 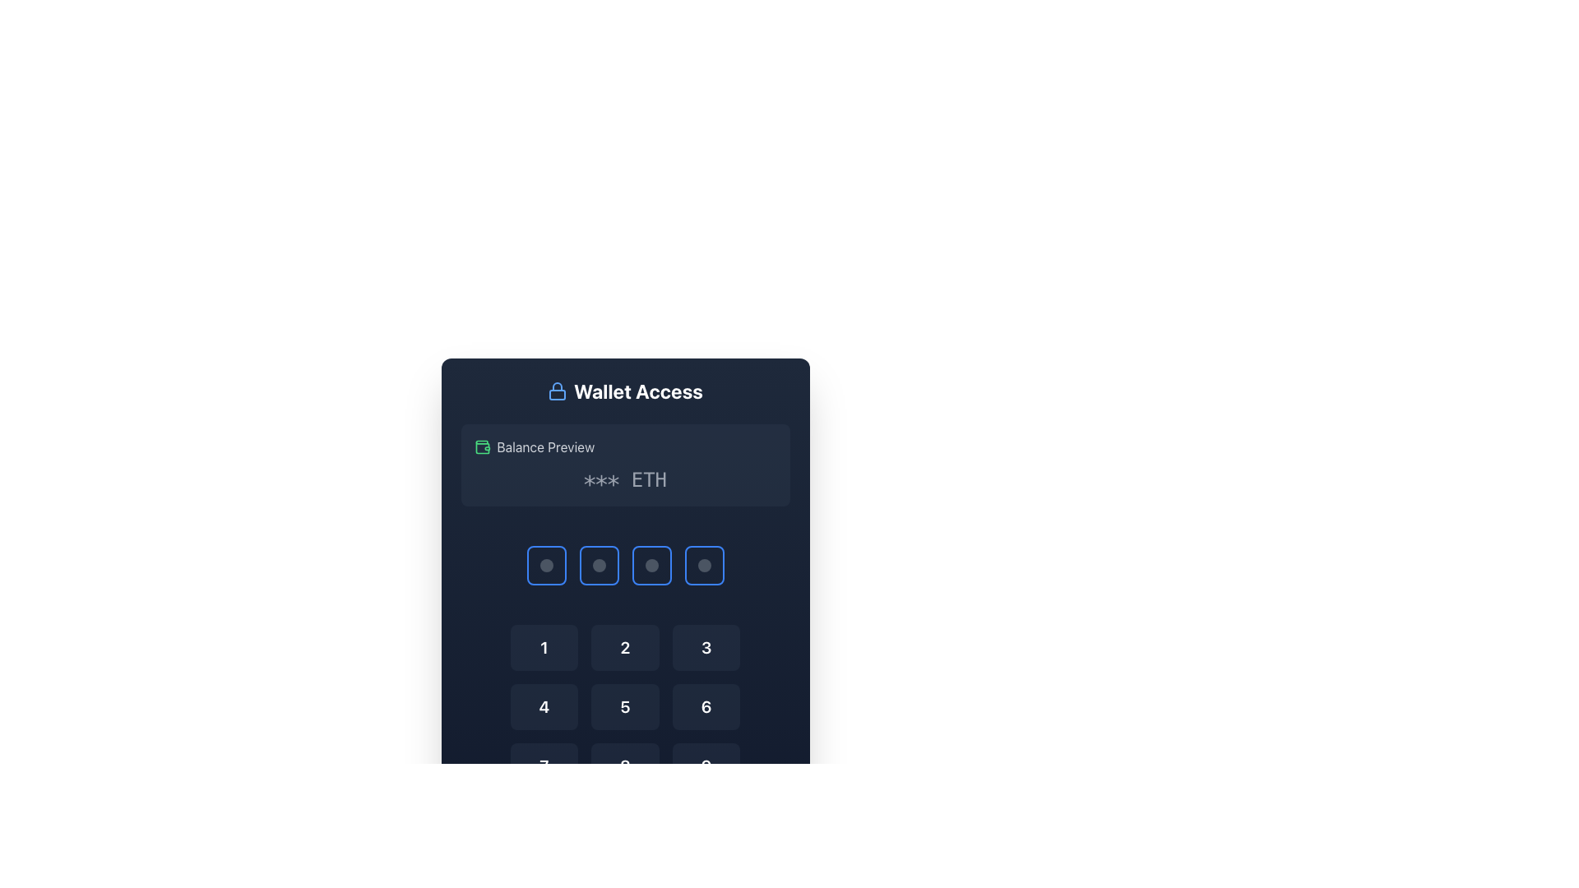 I want to click on the button that inputs the digit '7' located in the third row and first column of the numeric keypad, so click(x=544, y=766).